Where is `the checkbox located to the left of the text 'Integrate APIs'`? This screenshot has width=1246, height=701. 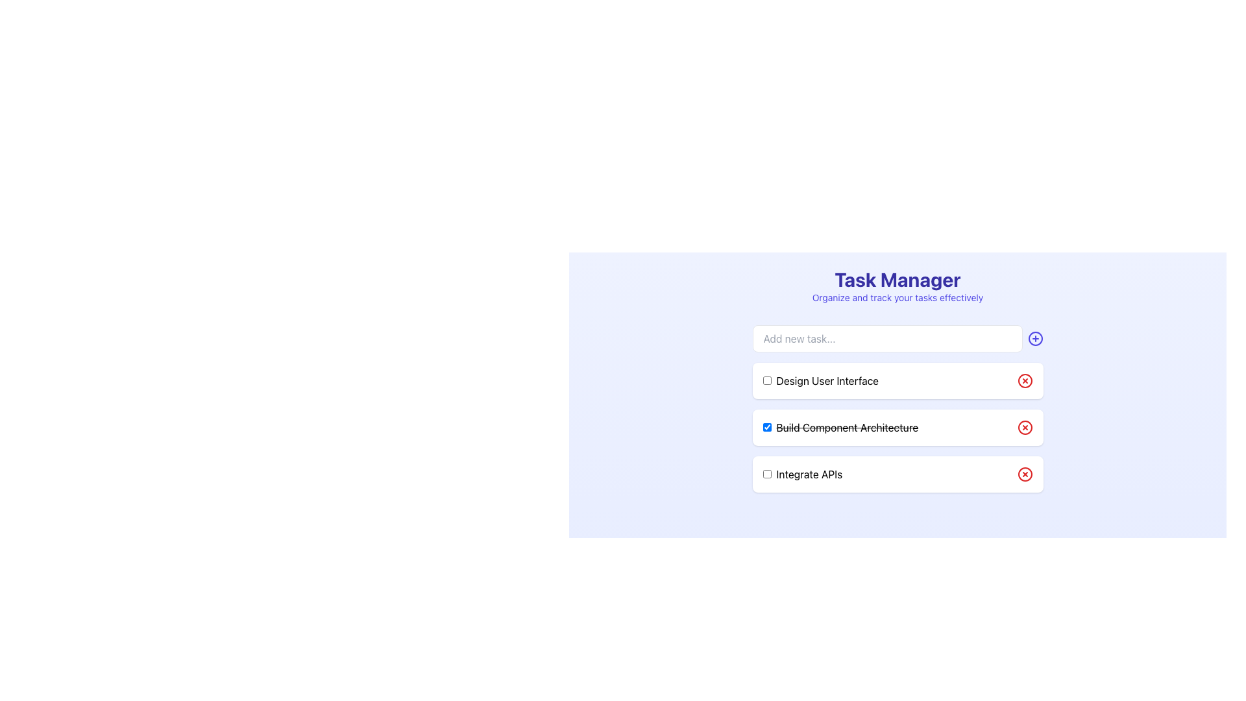
the checkbox located to the left of the text 'Integrate APIs' is located at coordinates (766, 473).